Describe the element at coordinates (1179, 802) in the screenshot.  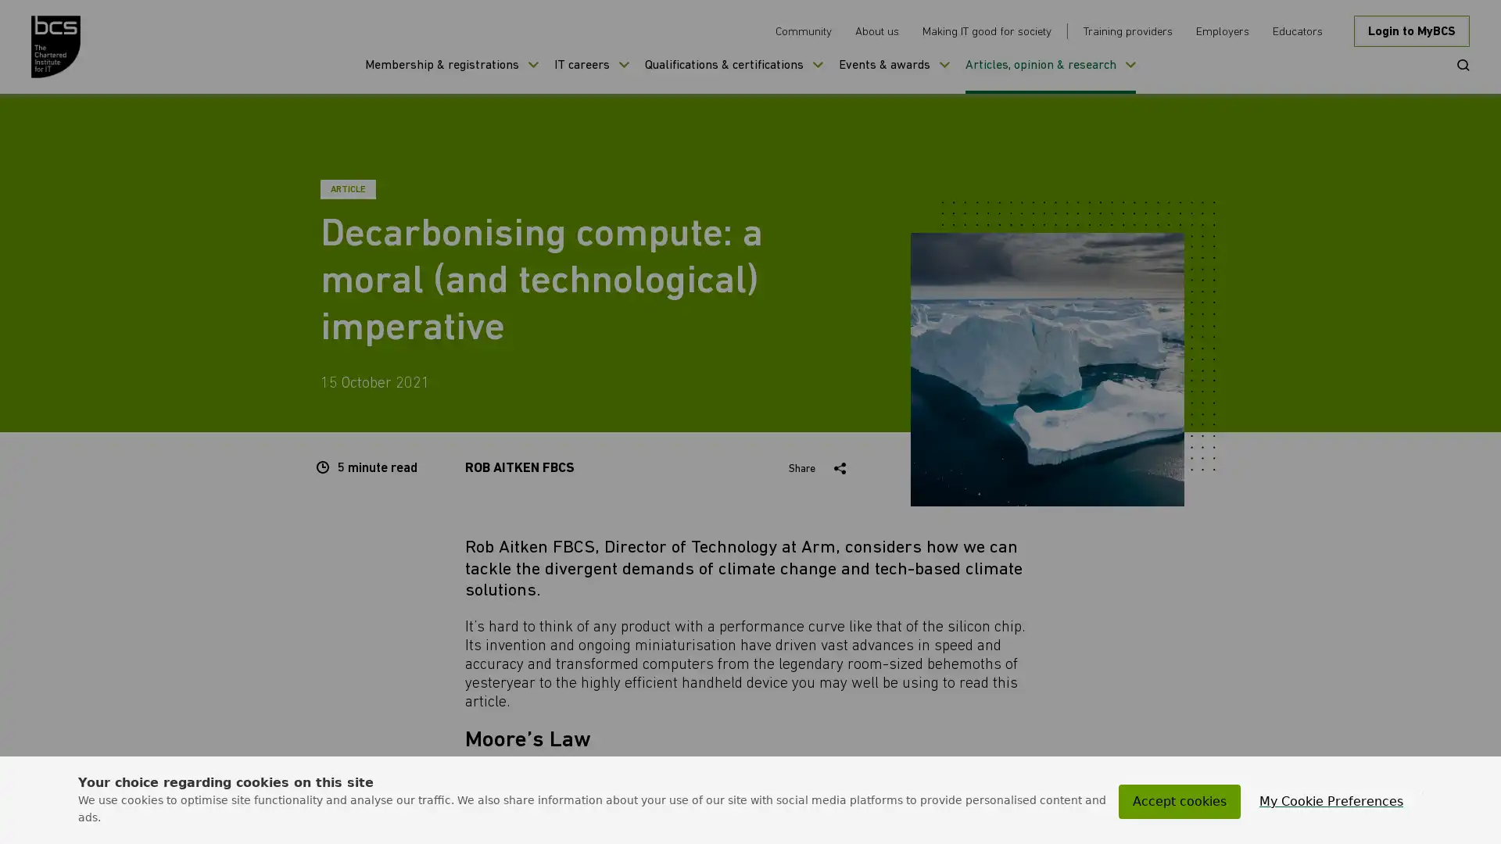
I see `Accept cookies` at that location.